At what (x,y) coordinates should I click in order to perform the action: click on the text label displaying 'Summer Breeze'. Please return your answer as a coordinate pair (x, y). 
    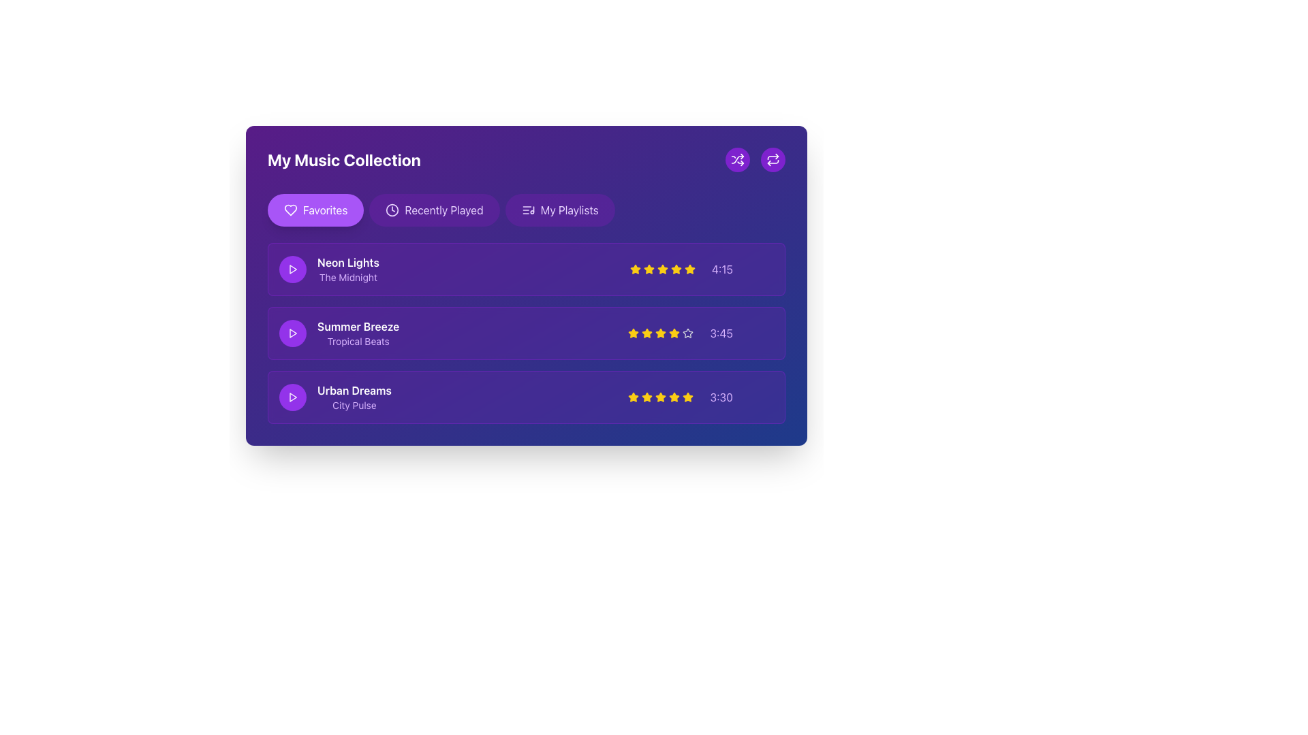
    Looking at the image, I should click on (358, 326).